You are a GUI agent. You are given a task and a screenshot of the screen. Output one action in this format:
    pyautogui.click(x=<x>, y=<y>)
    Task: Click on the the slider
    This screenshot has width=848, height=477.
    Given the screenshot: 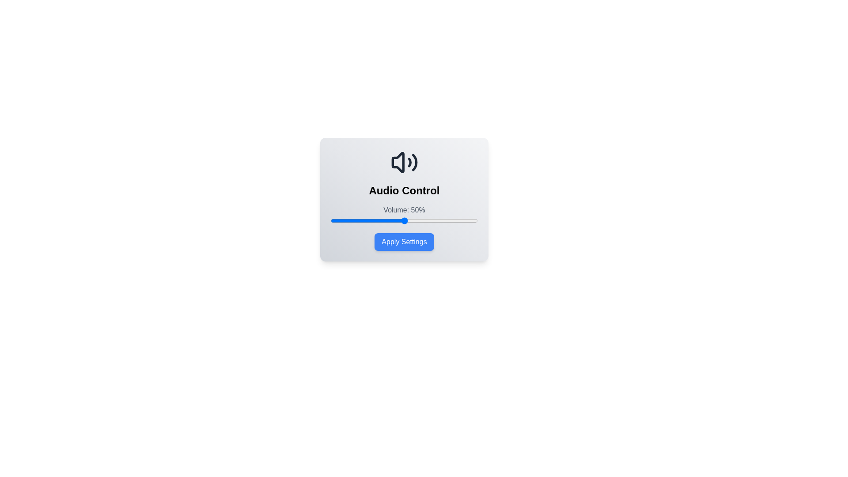 What is the action you would take?
    pyautogui.click(x=405, y=220)
    